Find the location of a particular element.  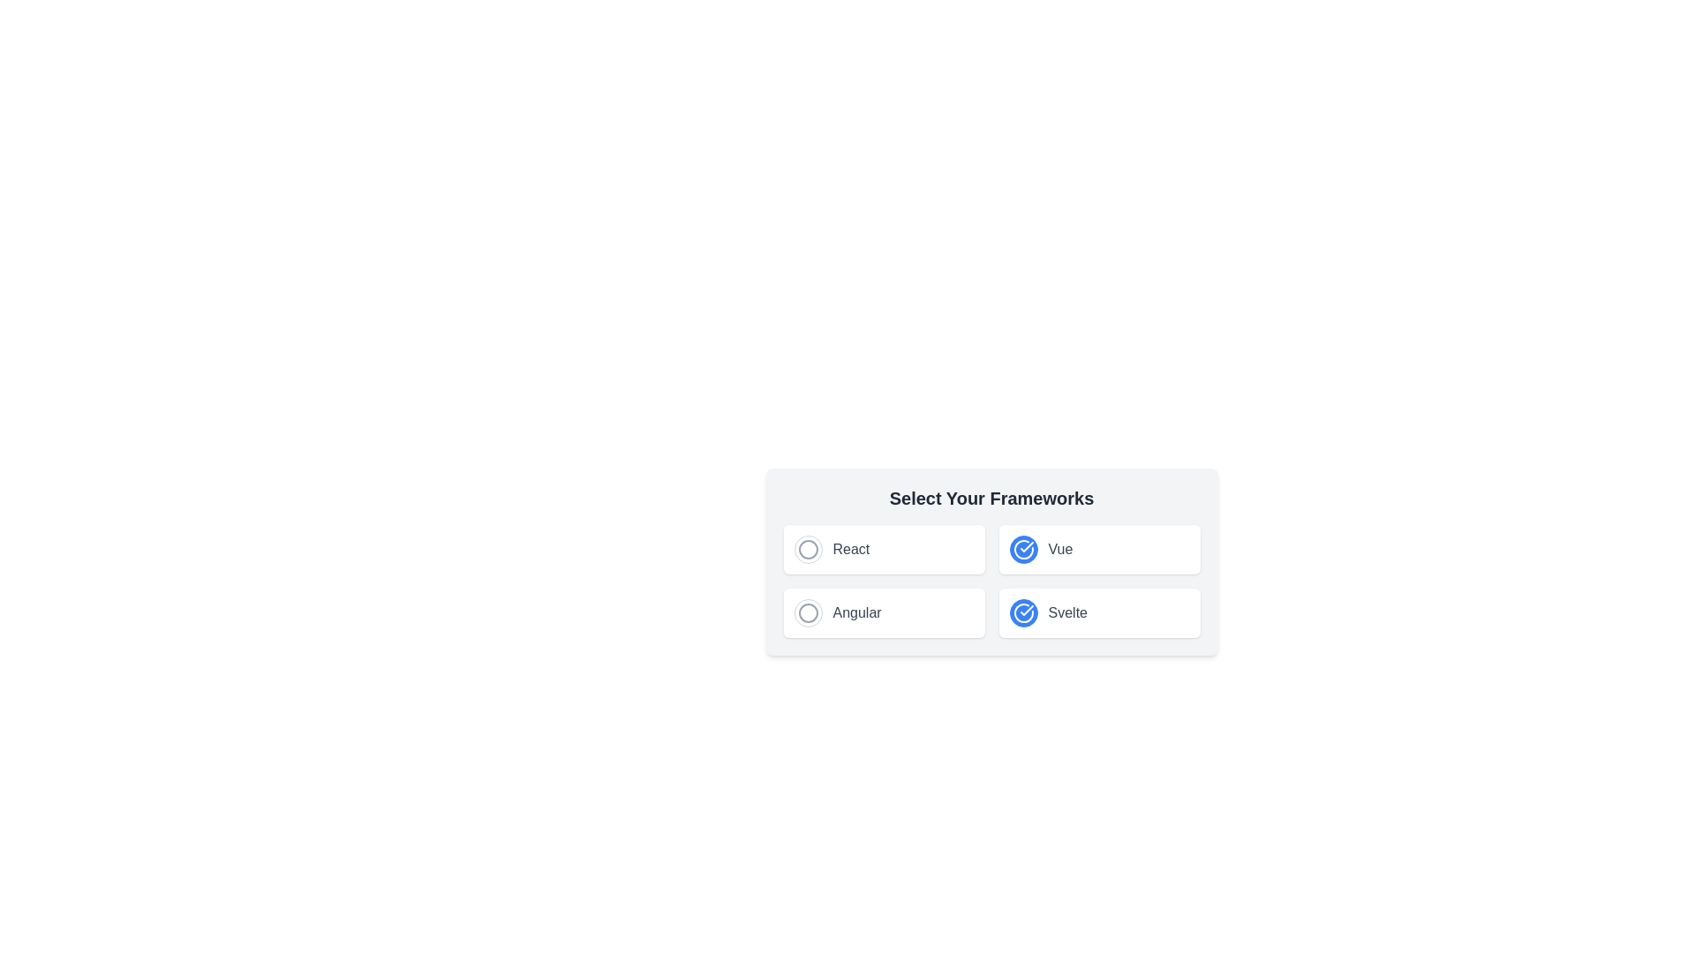

the second card in the grid layout with a white background and a blue checkmark icon for sorting is located at coordinates (1098, 549).